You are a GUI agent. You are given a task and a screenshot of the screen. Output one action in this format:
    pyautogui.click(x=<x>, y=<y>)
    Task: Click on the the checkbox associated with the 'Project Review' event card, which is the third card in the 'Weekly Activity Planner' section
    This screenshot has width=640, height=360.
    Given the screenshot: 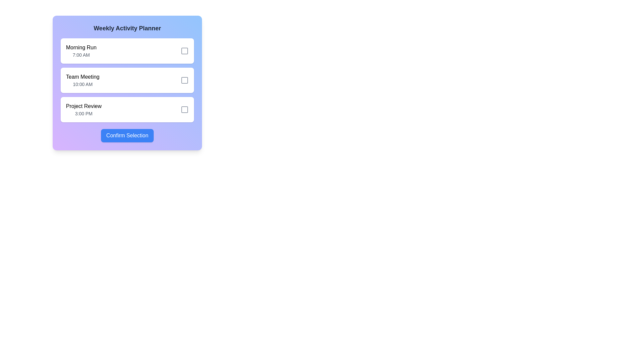 What is the action you would take?
    pyautogui.click(x=127, y=109)
    